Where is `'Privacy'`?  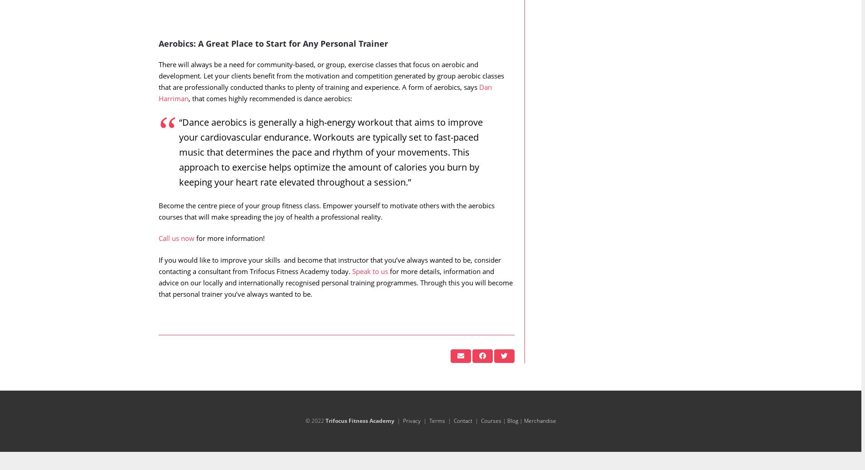 'Privacy' is located at coordinates (411, 439).